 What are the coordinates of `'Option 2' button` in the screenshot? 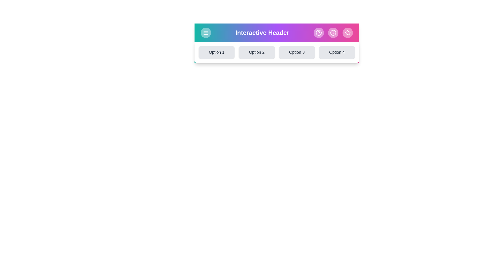 It's located at (257, 52).